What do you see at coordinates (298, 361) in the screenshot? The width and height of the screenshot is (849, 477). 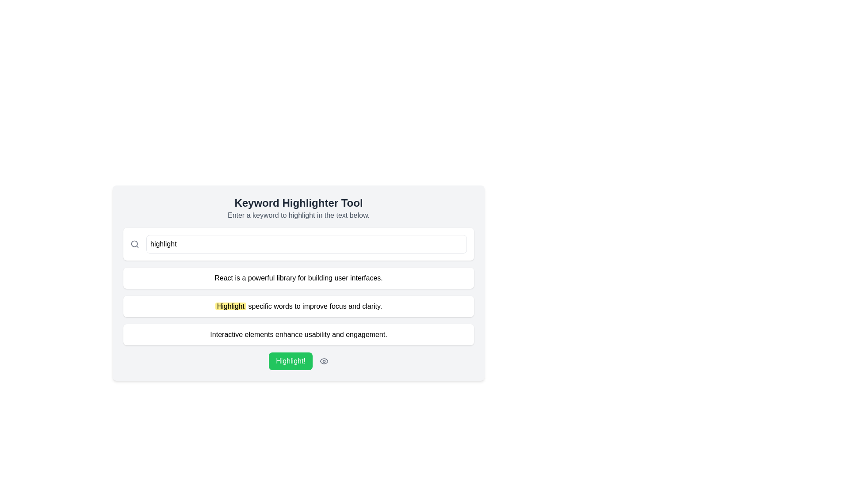 I see `the 'Highlight!' button with a green background and white text to observe the hover effect` at bounding box center [298, 361].